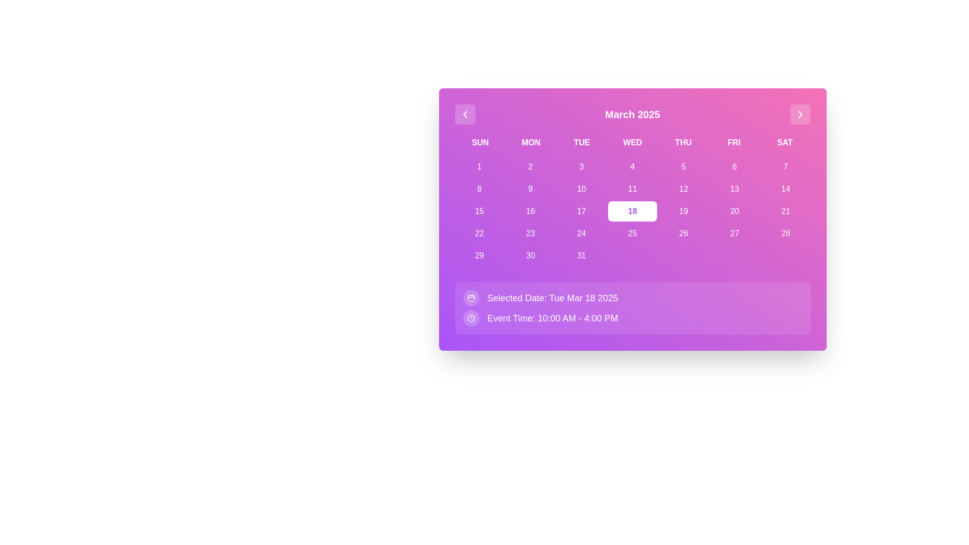 The width and height of the screenshot is (969, 545). Describe the element at coordinates (530, 233) in the screenshot. I see `the button representing the date '23' in the March 2025 calendar grid` at that location.